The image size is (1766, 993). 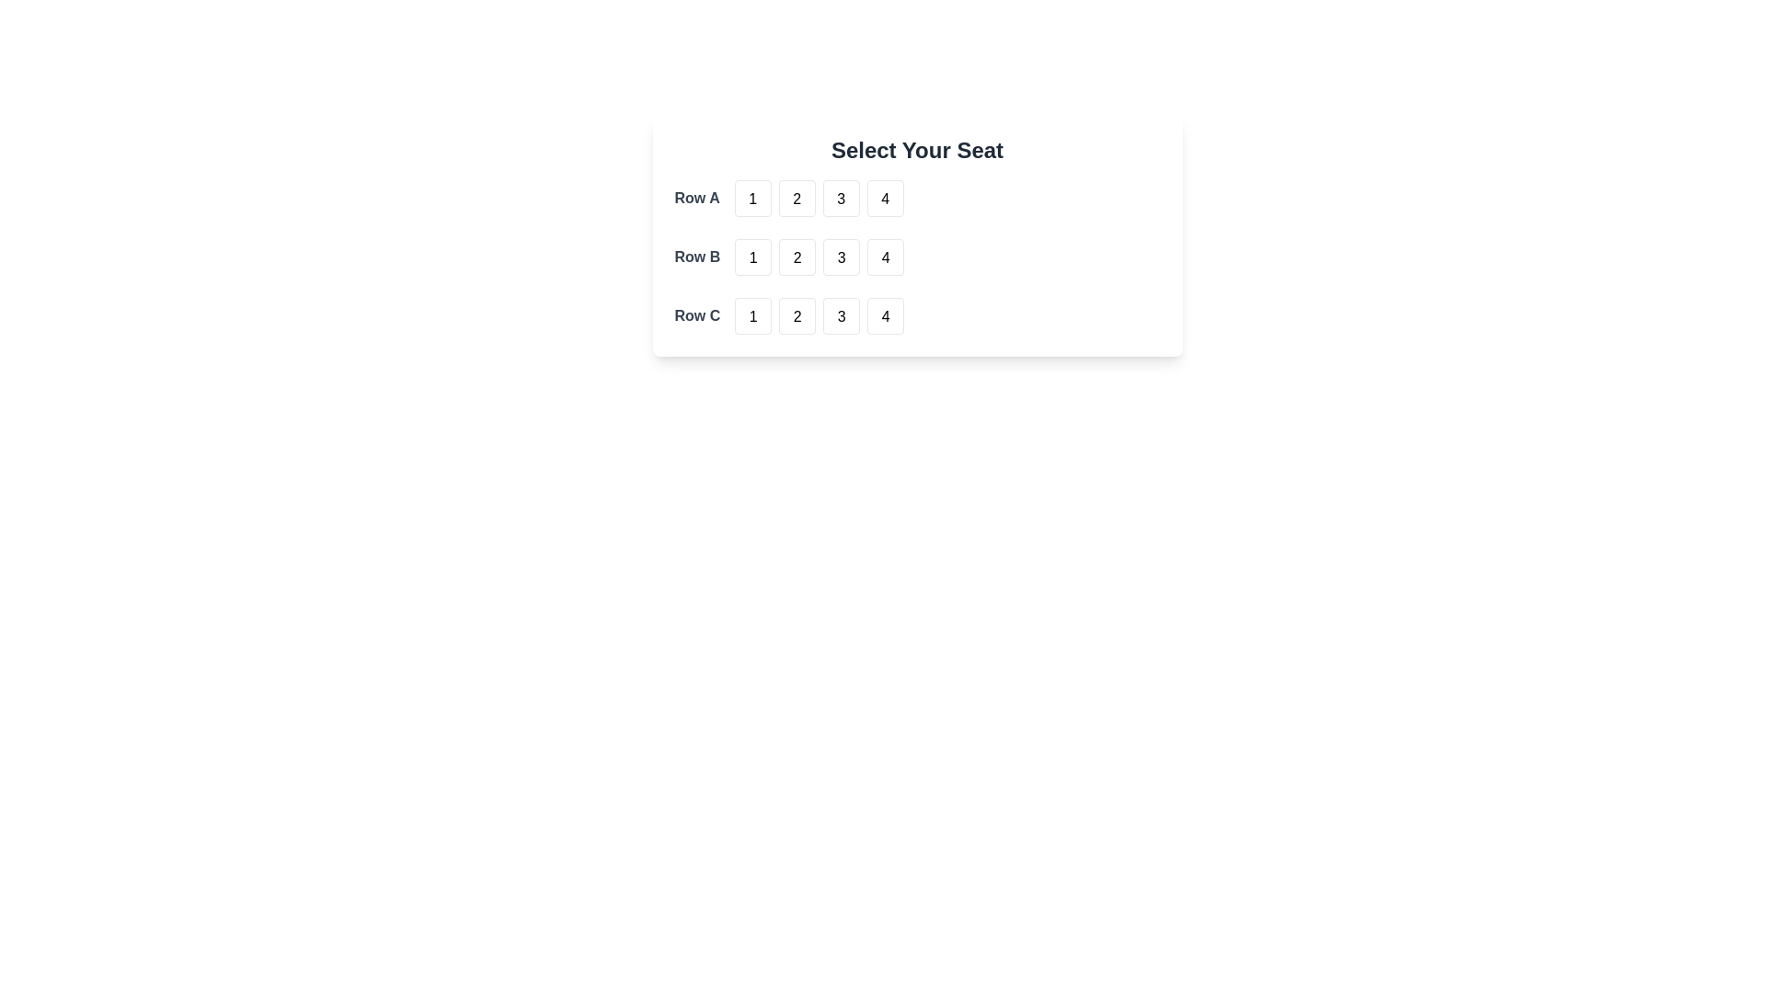 What do you see at coordinates (840, 199) in the screenshot?
I see `the square button labeled '3' located in Row A under the header 'Select Your Seat'` at bounding box center [840, 199].